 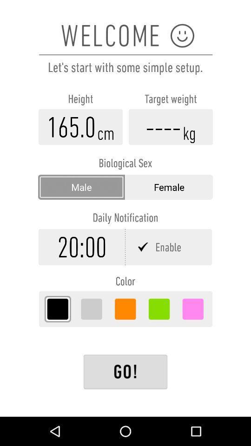 What do you see at coordinates (159, 309) in the screenshot?
I see `color option lime green` at bounding box center [159, 309].